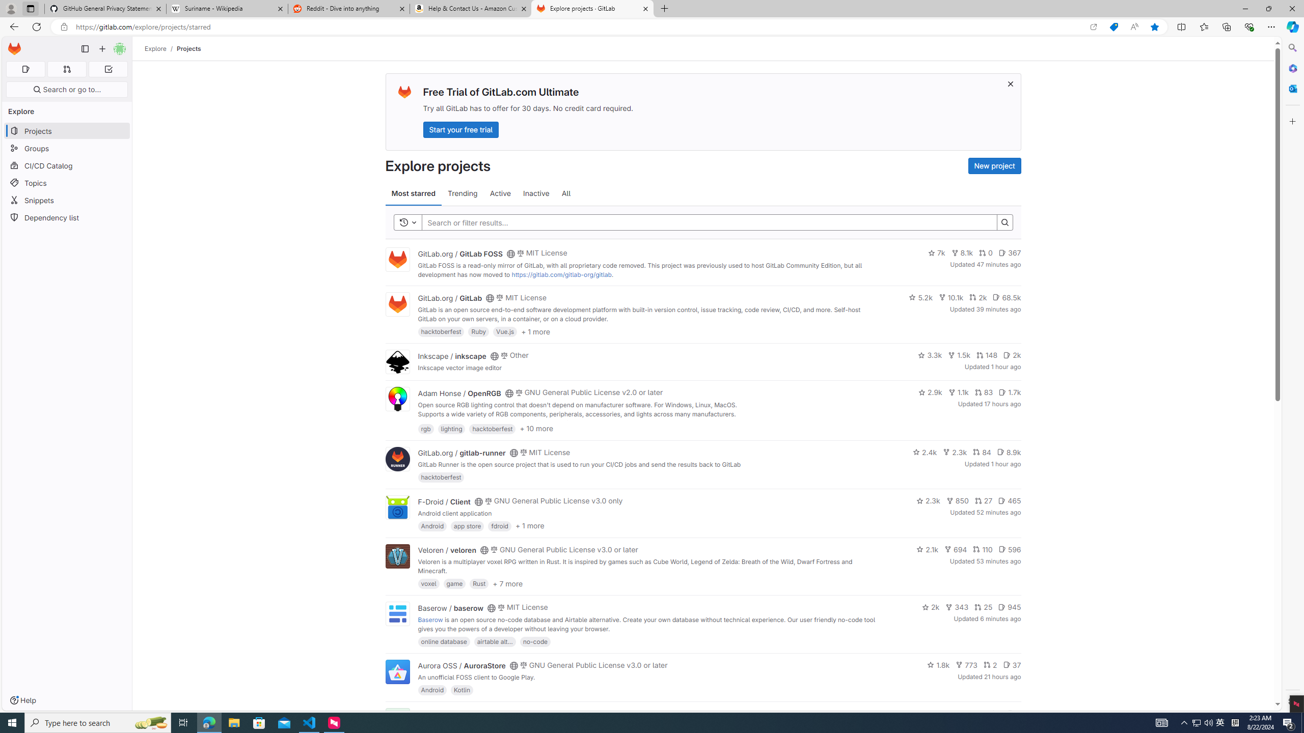 The image size is (1304, 733). Describe the element at coordinates (444, 641) in the screenshot. I see `'online database'` at that location.